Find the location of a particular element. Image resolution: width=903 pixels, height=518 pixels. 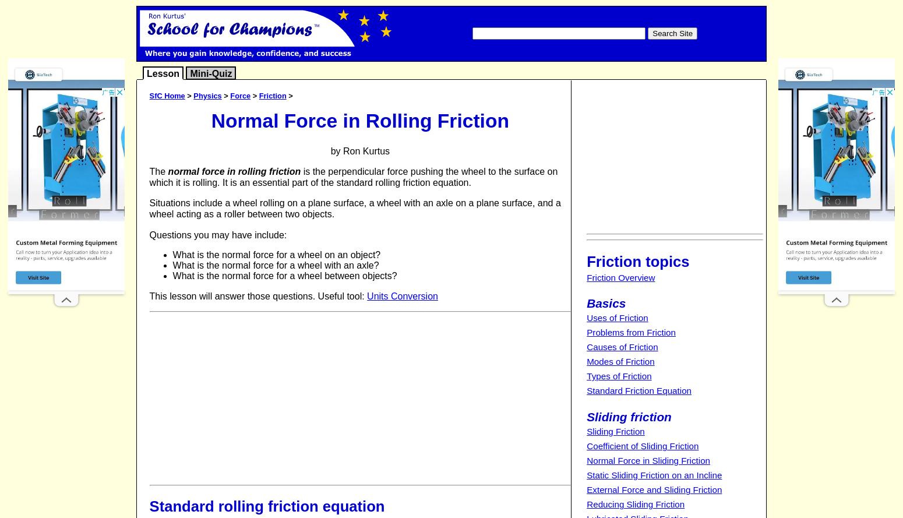

'Situations include a wheel rolling on a plane surface, a wheel with an axle on a plane surface, and a wheel acting as a roller between two objects.' is located at coordinates (354, 208).